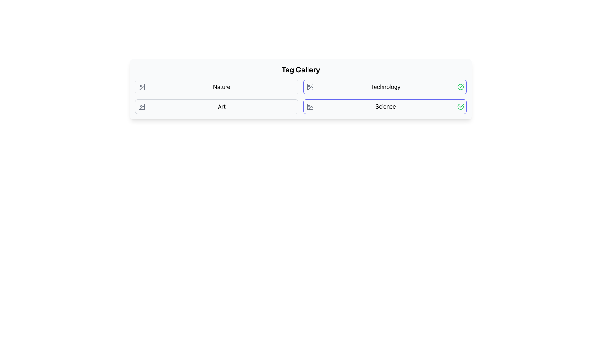  Describe the element at coordinates (141, 106) in the screenshot. I see `the compact square icon located to the left of the 'Art' text label, which features a gray-outlined image placeholder` at that location.